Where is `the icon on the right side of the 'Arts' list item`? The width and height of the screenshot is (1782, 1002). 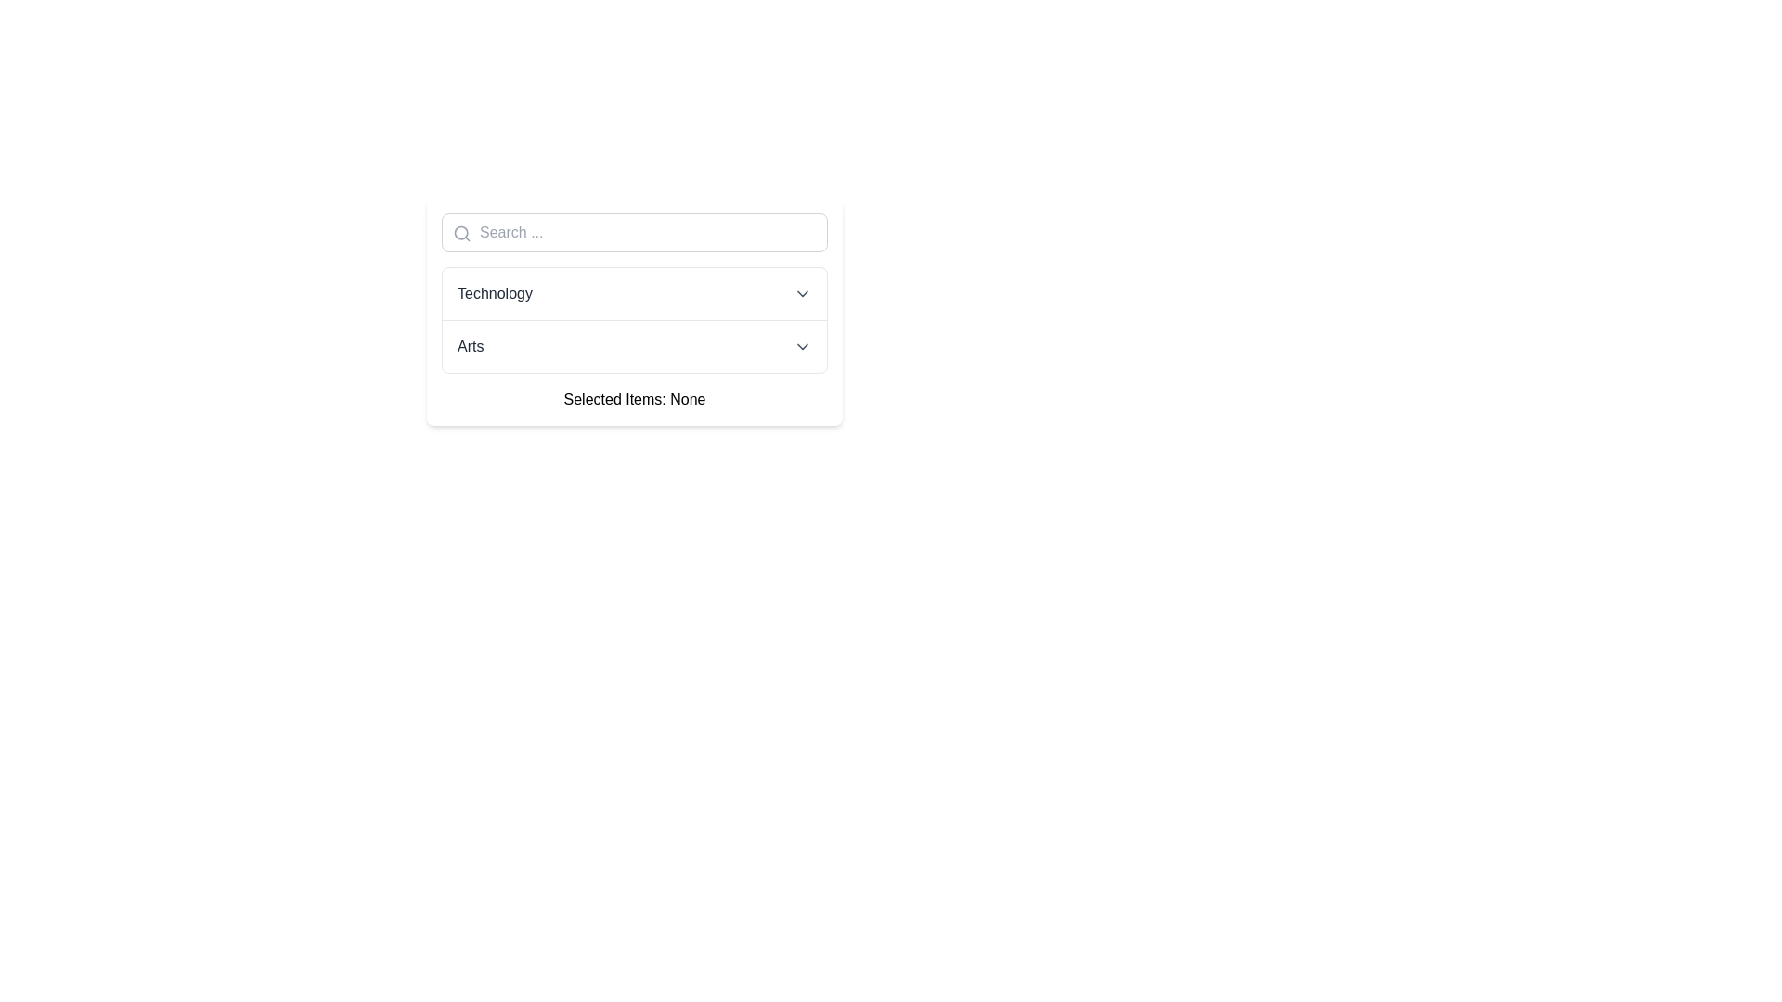
the icon on the right side of the 'Arts' list item is located at coordinates (802, 347).